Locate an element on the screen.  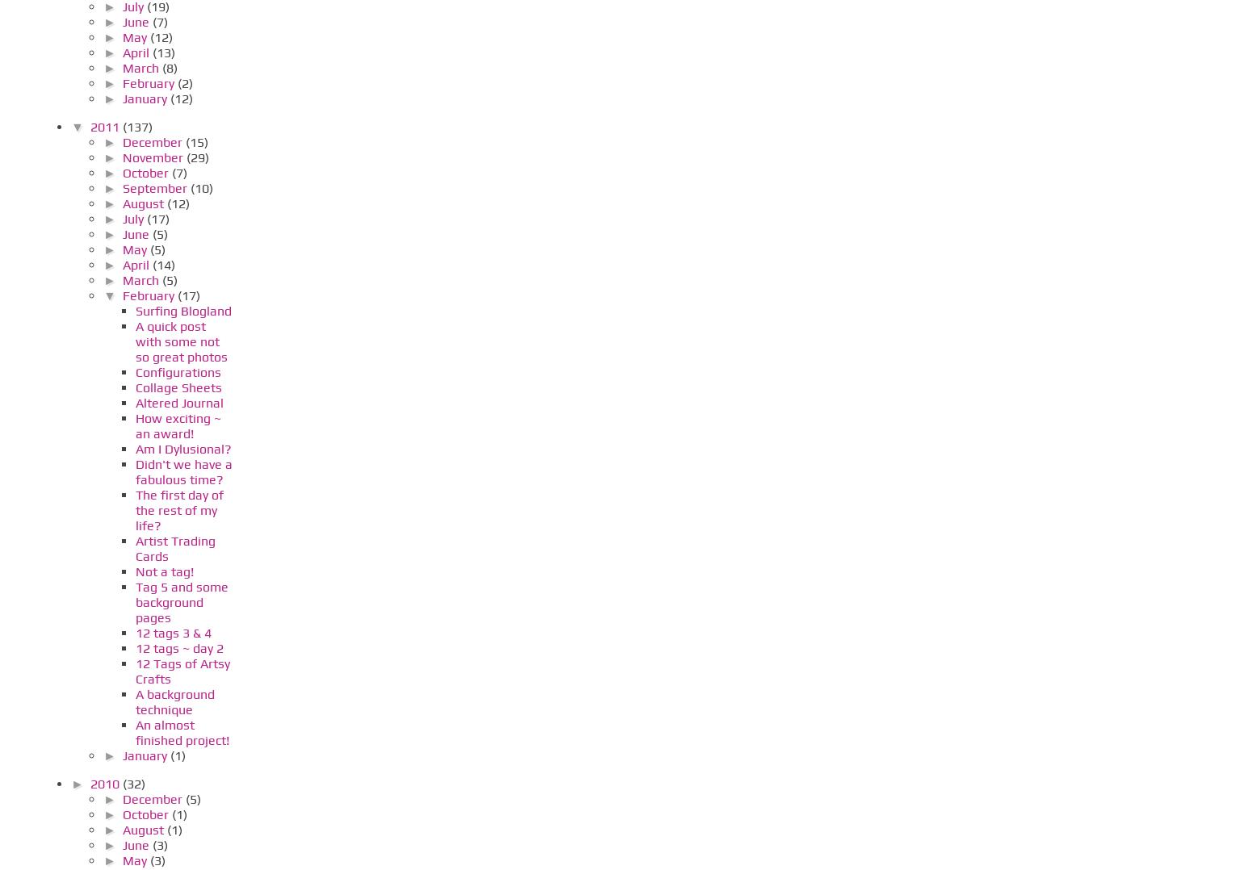
'2011' is located at coordinates (88, 125).